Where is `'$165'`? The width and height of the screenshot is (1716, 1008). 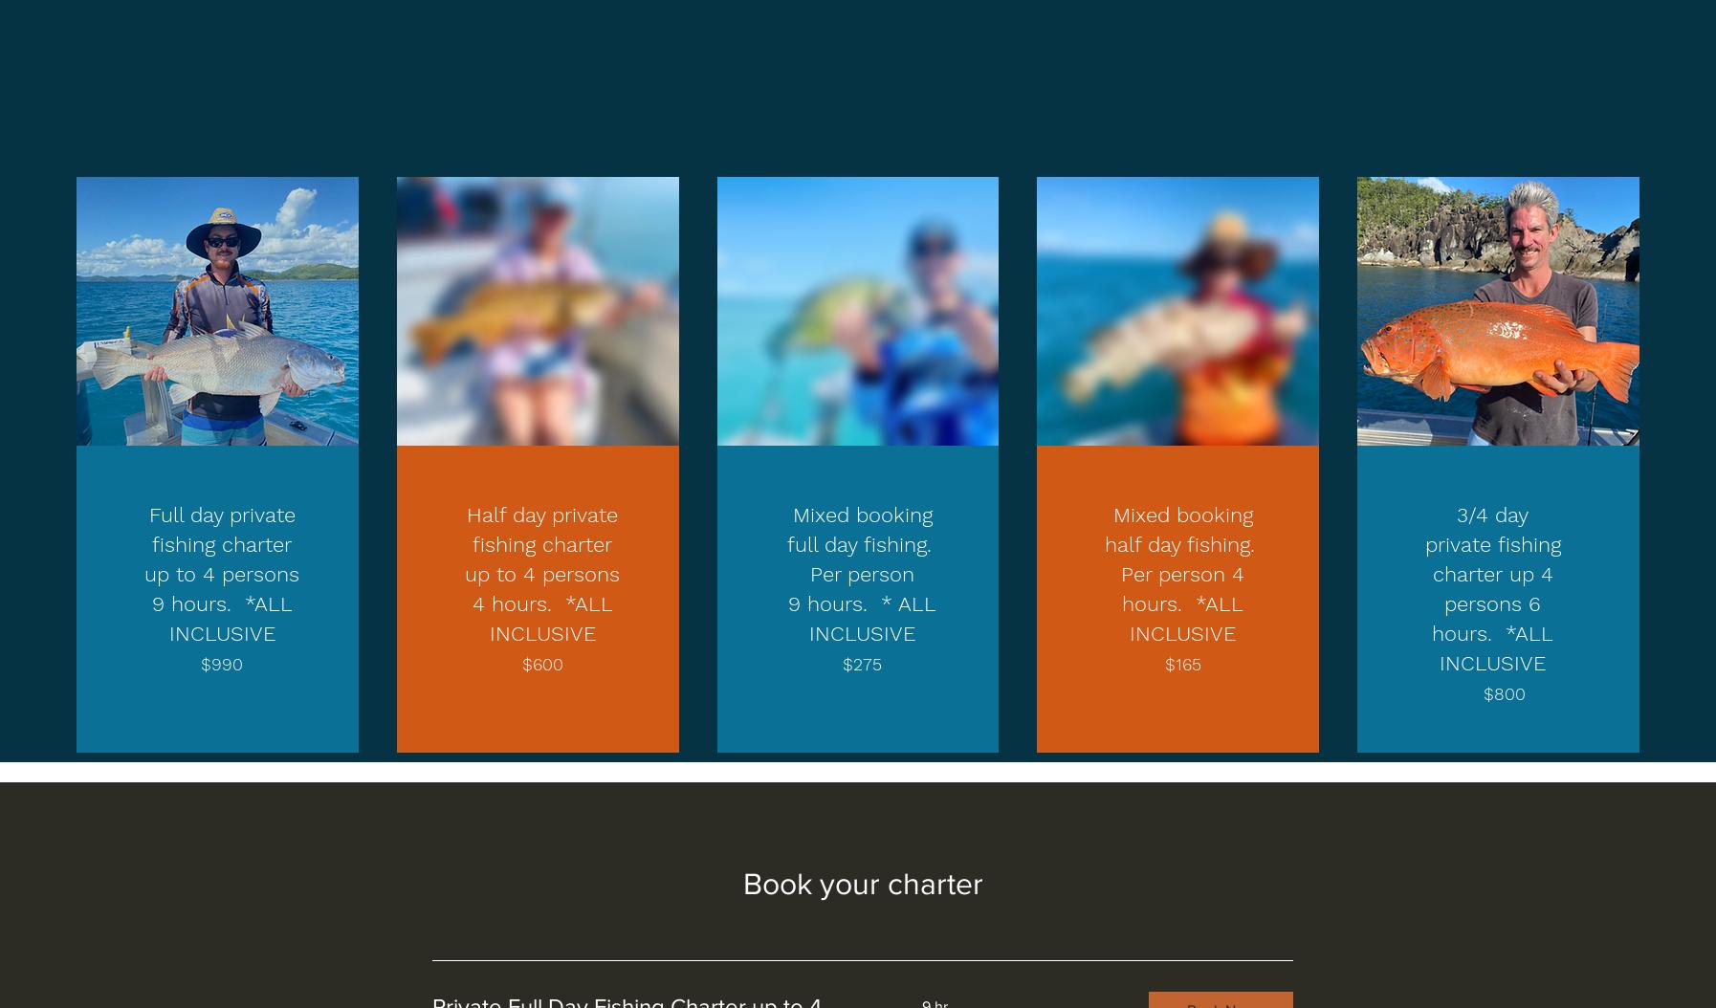 '$165' is located at coordinates (1181, 663).